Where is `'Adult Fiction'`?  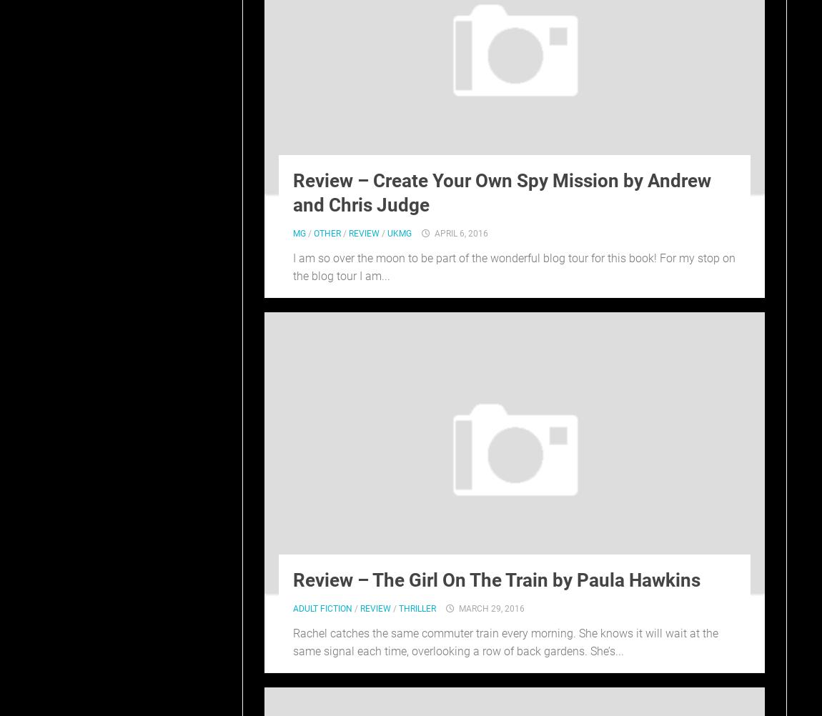 'Adult Fiction' is located at coordinates (322, 607).